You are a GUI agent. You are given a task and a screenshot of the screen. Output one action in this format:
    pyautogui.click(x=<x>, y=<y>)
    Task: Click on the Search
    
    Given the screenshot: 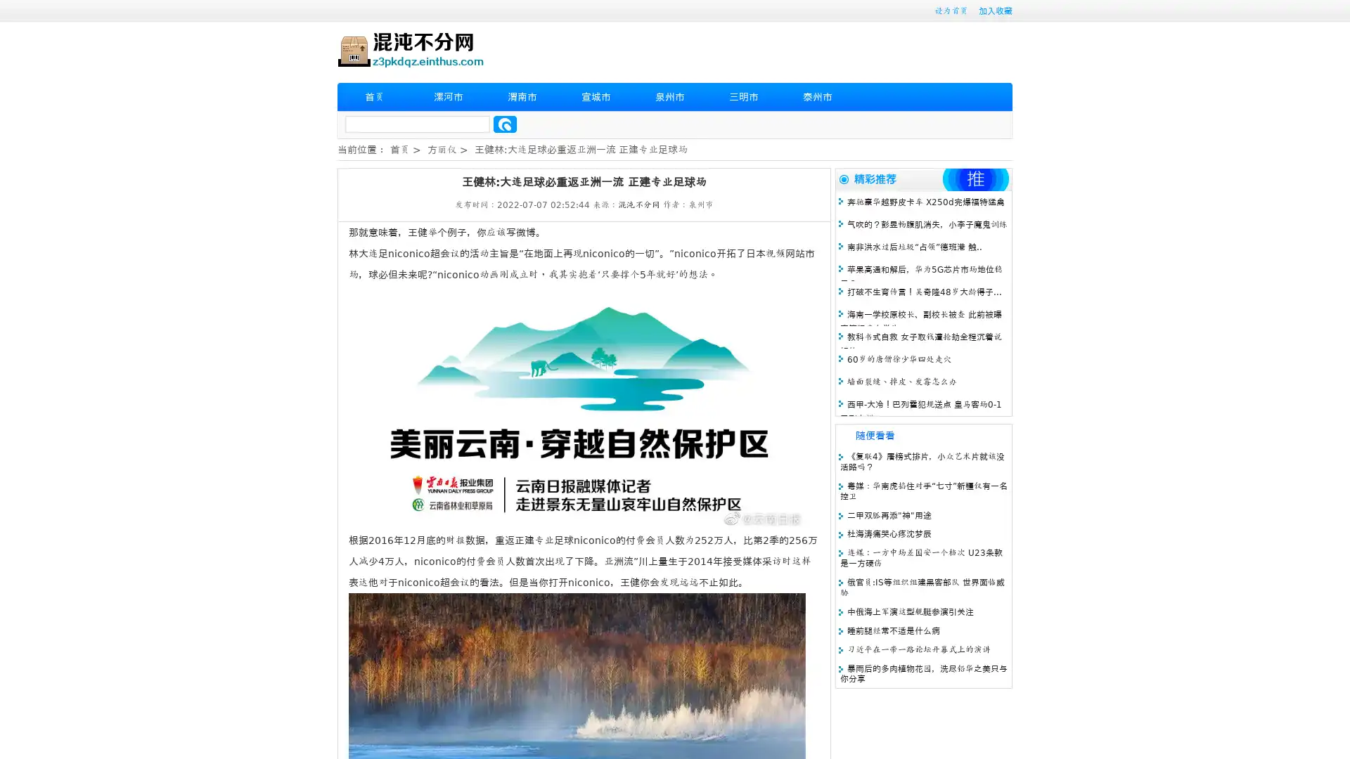 What is the action you would take?
    pyautogui.click(x=505, y=124)
    